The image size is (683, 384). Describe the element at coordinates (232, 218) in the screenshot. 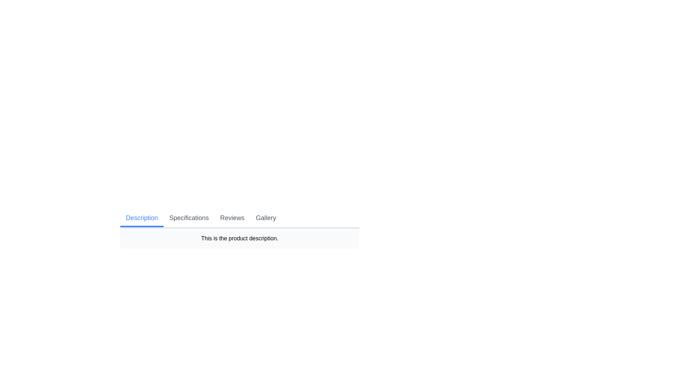

I see `the tab labeled Reviews` at that location.